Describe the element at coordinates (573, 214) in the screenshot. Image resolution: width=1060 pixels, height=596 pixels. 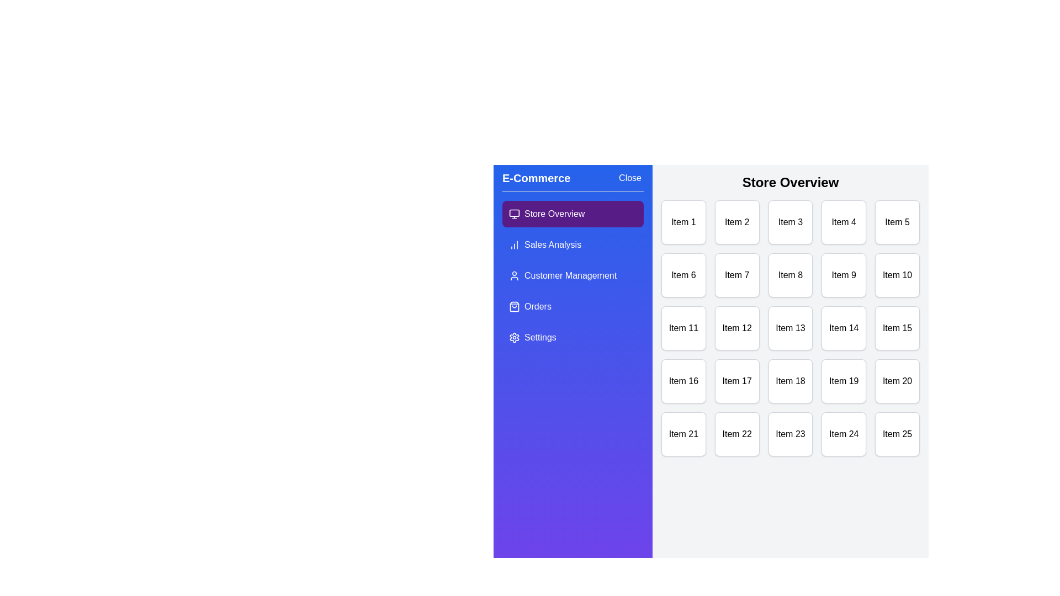
I see `the menu option Store Overview from the drawer` at that location.